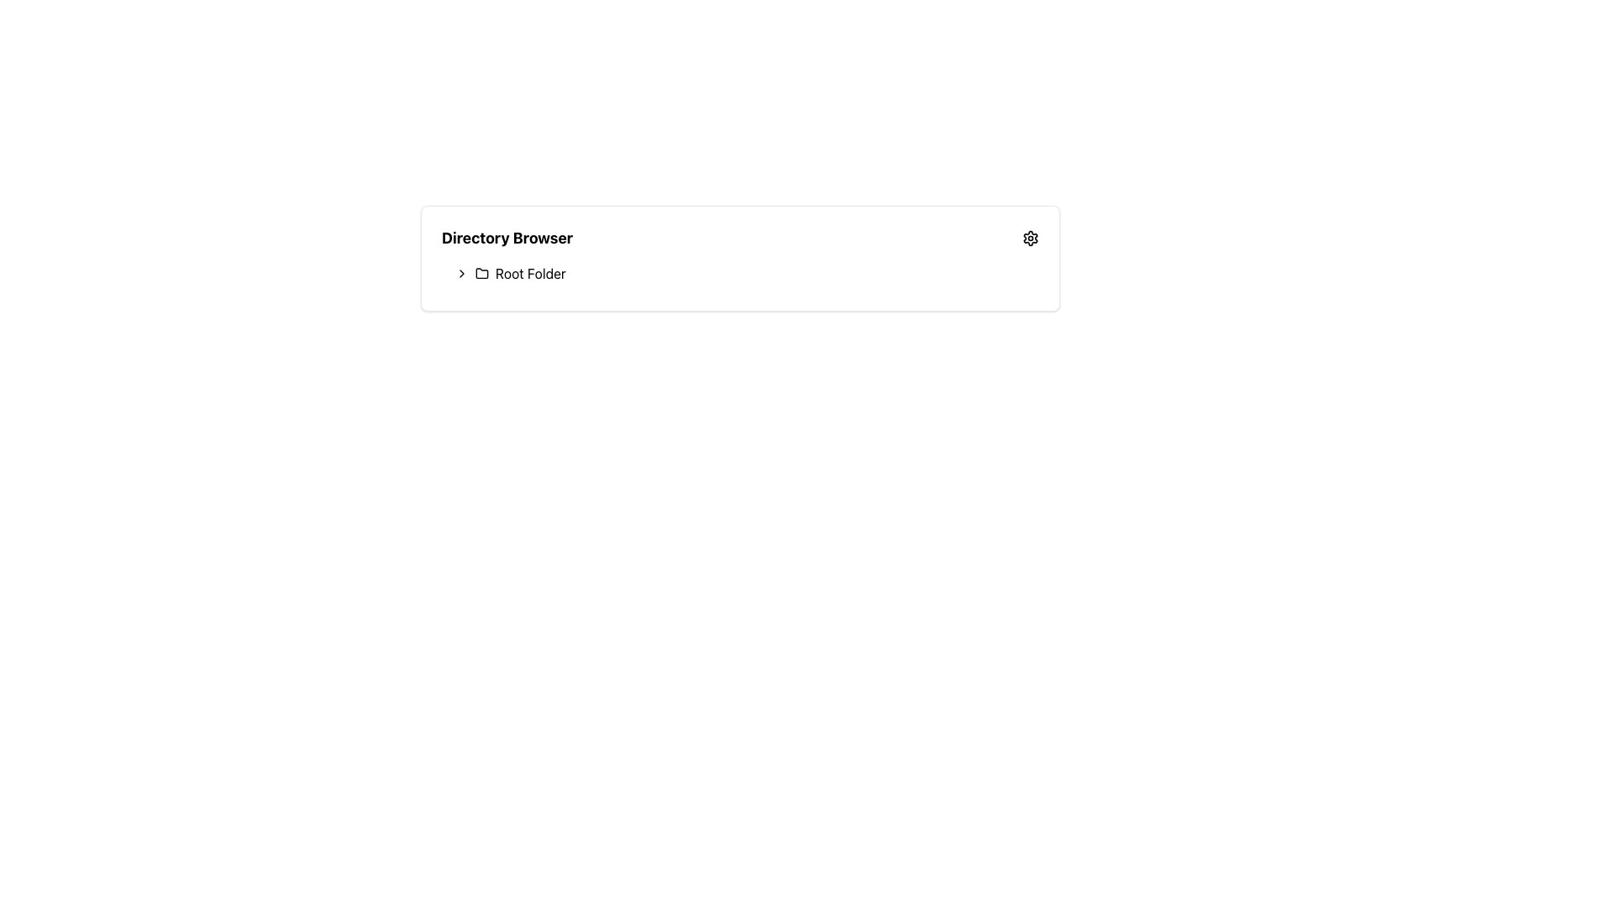  Describe the element at coordinates (1030, 239) in the screenshot. I see `the gear icon button located in the top-right corner of the 'Directory Browser'` at that location.